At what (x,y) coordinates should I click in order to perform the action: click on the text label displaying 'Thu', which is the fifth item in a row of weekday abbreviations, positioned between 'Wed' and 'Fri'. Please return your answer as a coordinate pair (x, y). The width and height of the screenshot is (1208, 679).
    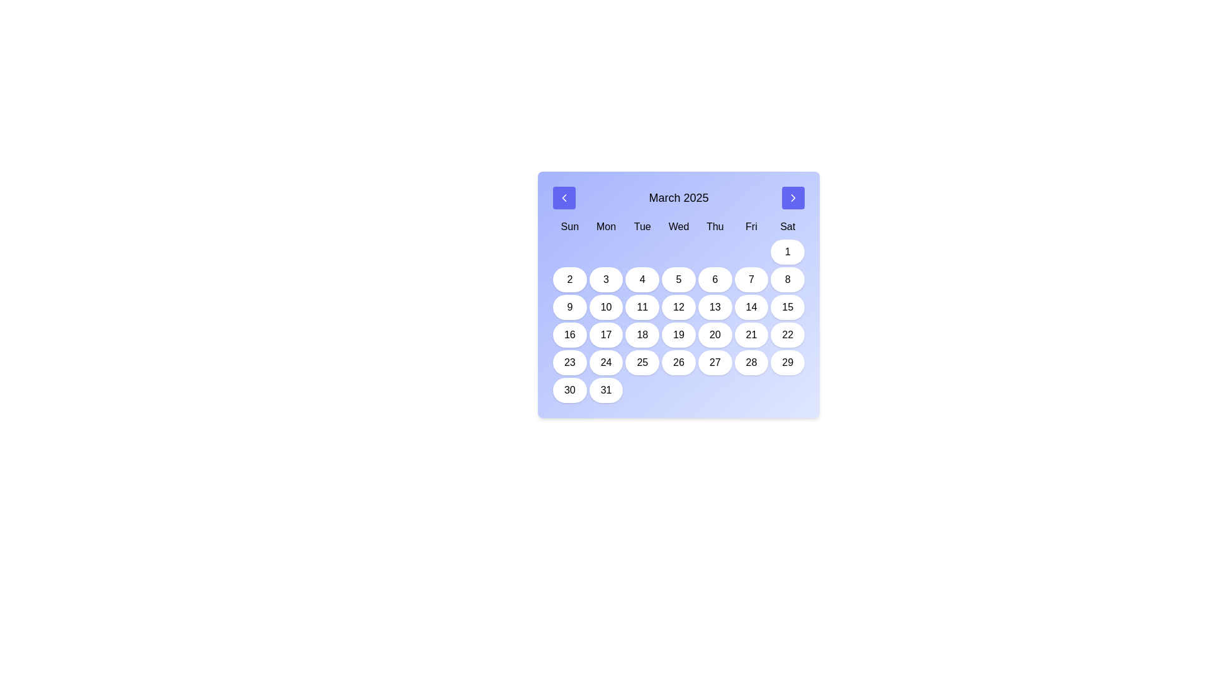
    Looking at the image, I should click on (715, 227).